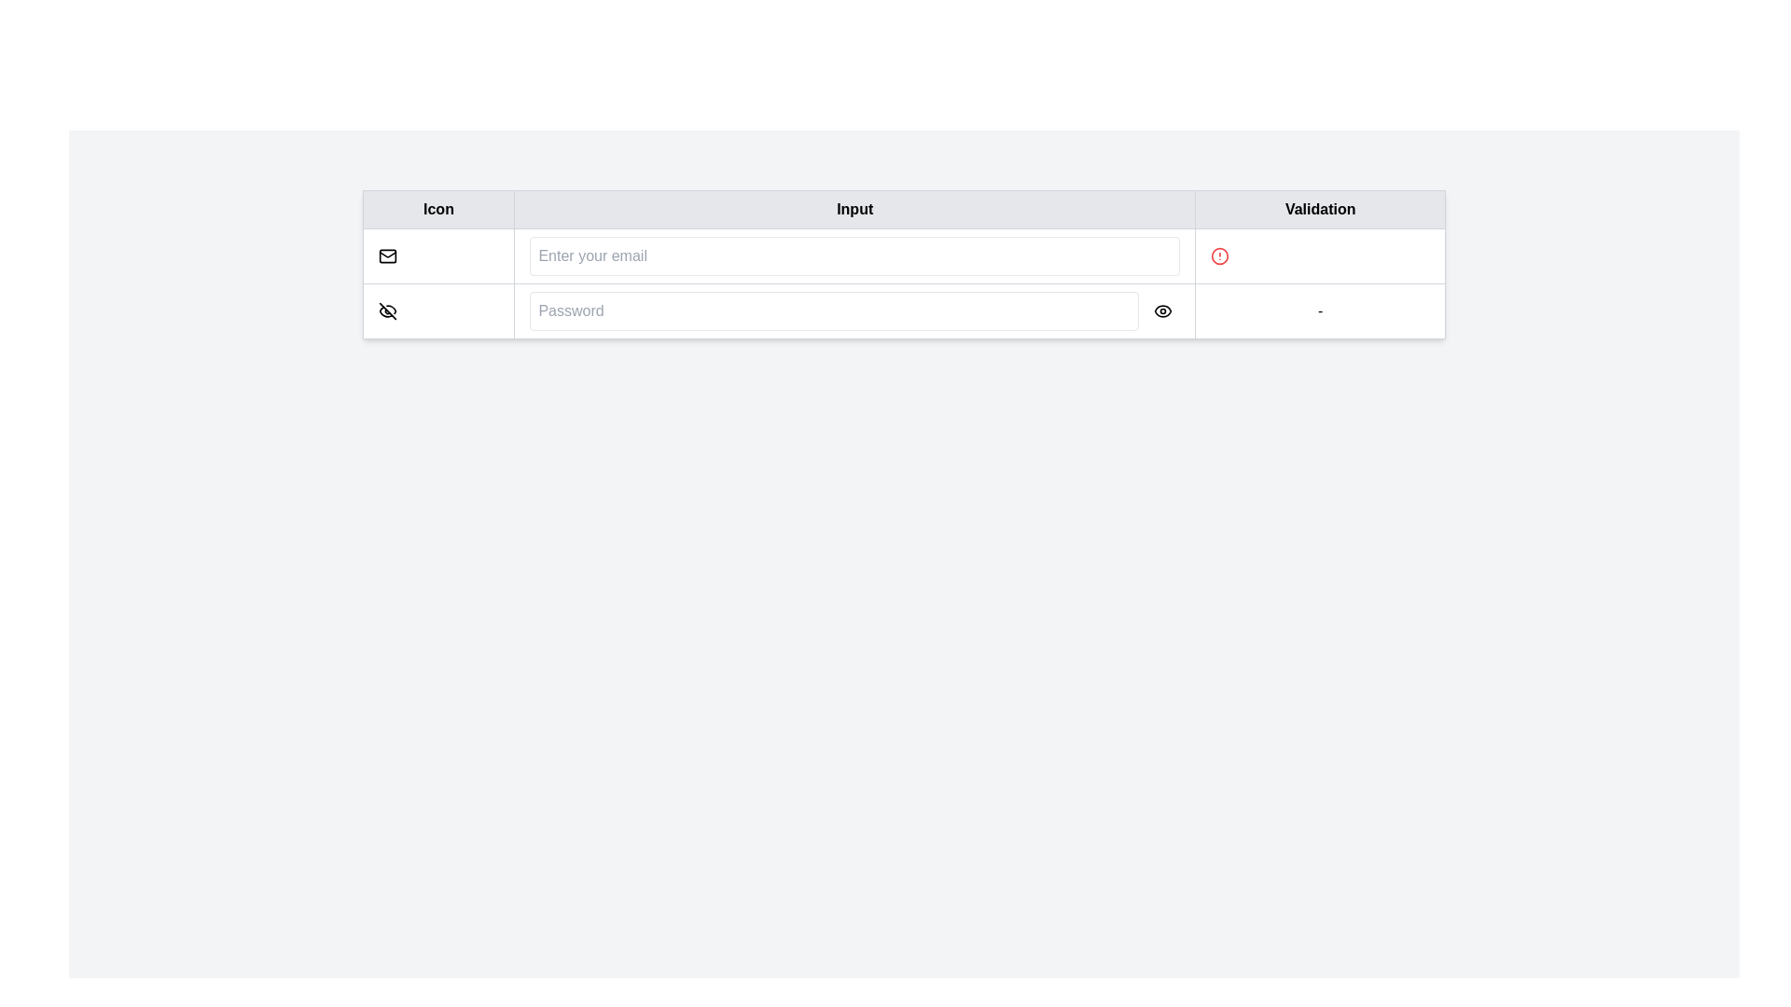  I want to click on the Label element that has a light gray border and contains the text 'Validation' in bold black font, located in the third column of a three-column row, so click(1319, 209).